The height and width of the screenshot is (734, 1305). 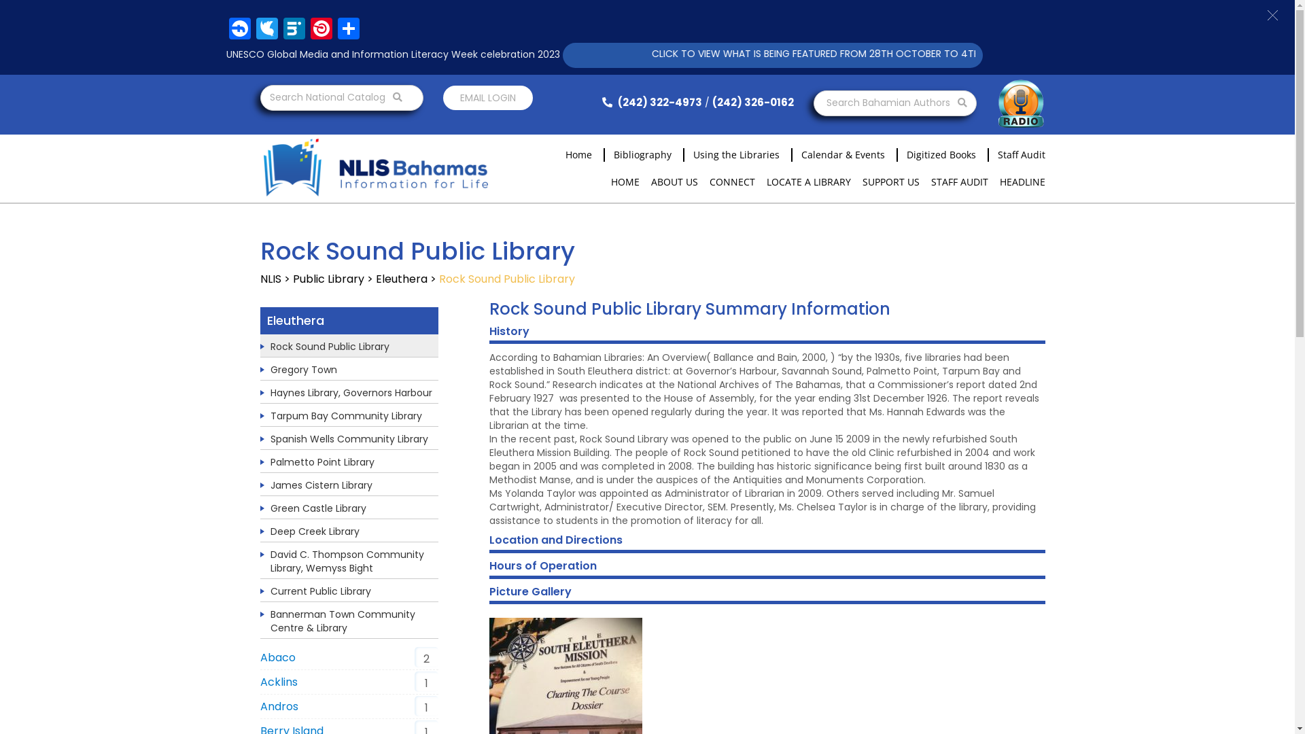 I want to click on 'Facebook', so click(x=239, y=30).